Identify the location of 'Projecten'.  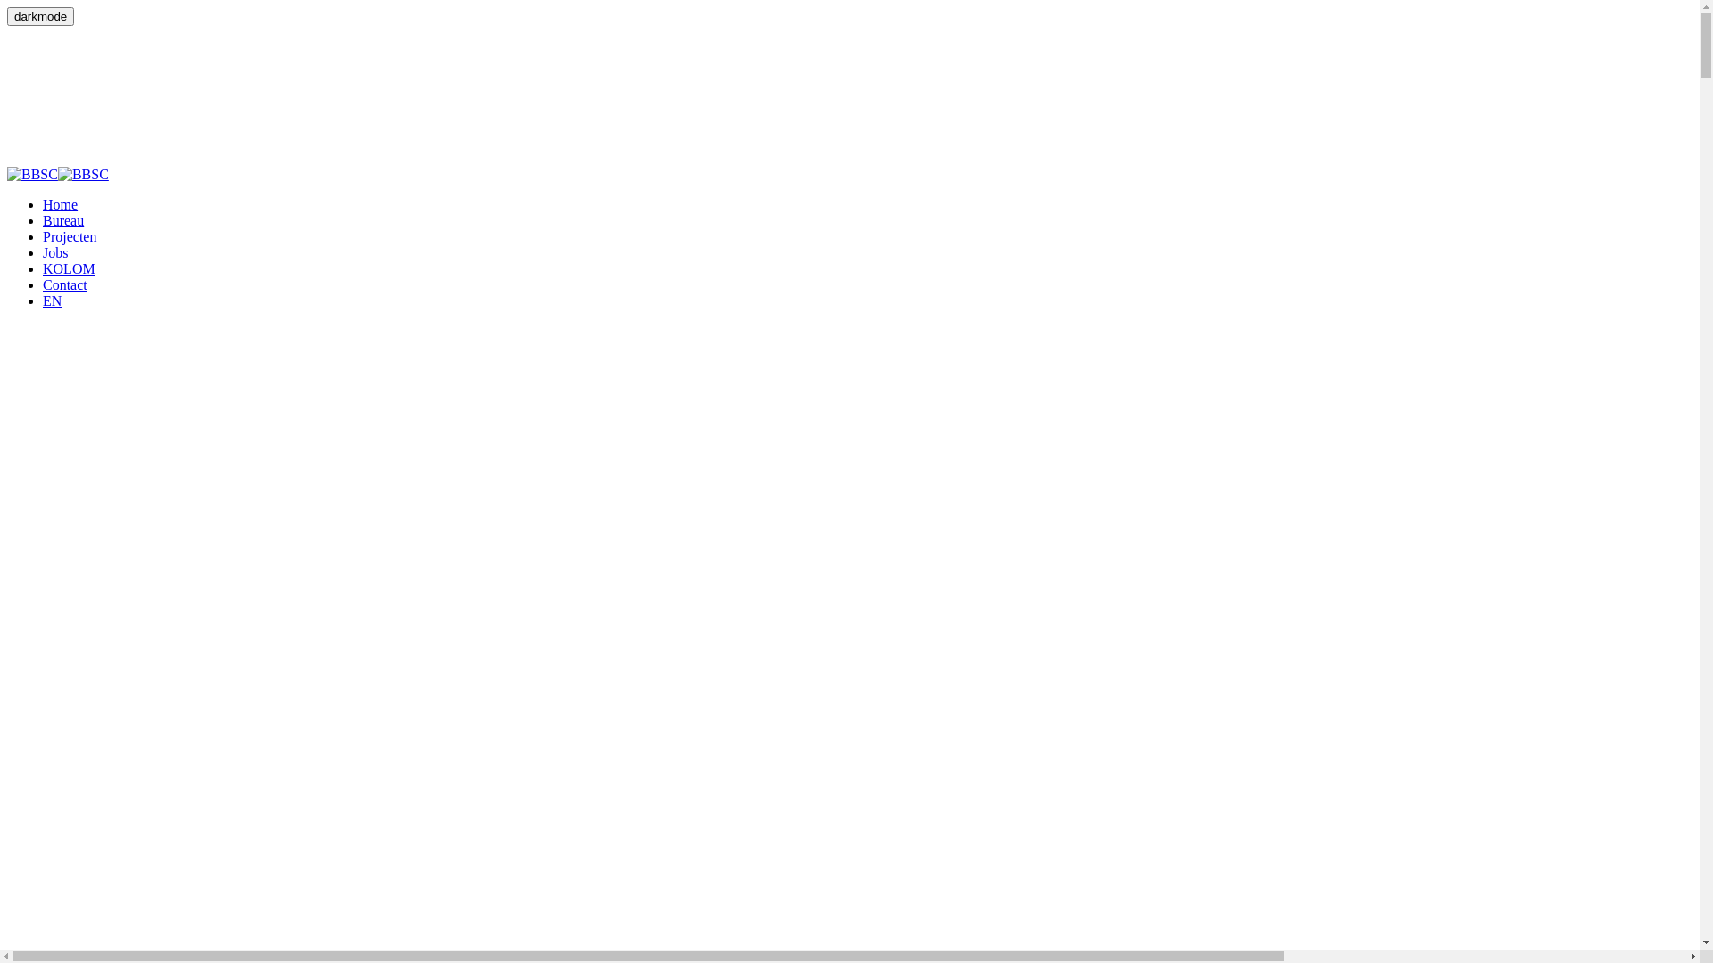
(69, 235).